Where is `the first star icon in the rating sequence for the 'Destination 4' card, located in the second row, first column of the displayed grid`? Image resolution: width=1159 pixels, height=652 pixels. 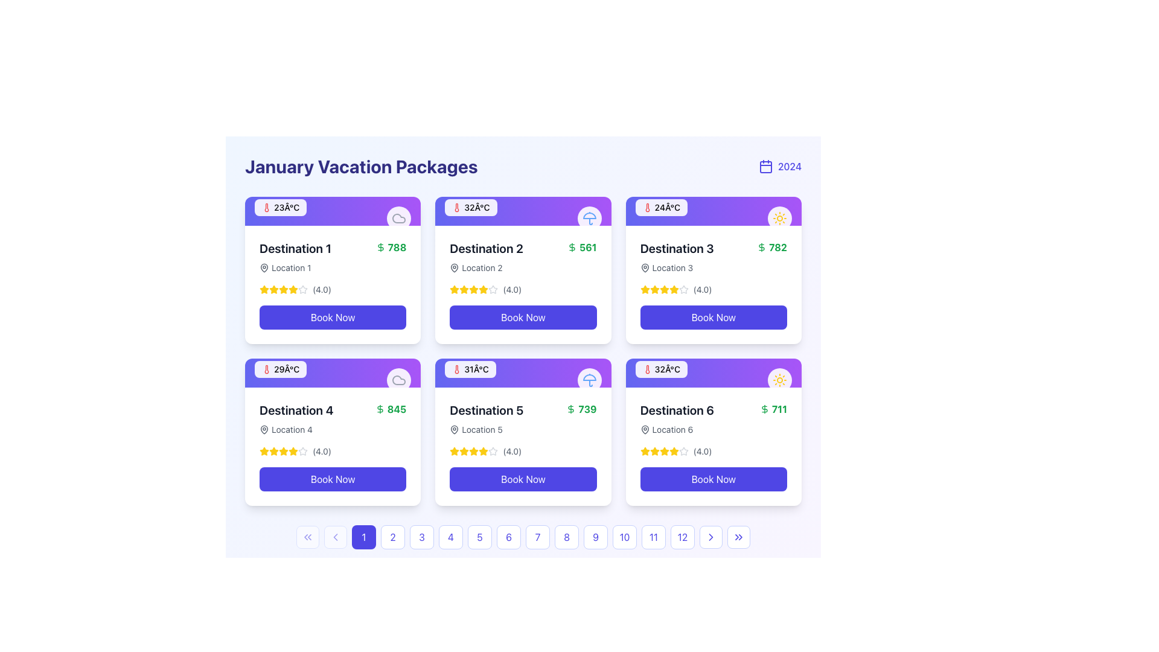
the first star icon in the rating sequence for the 'Destination 4' card, located in the second row, first column of the displayed grid is located at coordinates (263, 452).